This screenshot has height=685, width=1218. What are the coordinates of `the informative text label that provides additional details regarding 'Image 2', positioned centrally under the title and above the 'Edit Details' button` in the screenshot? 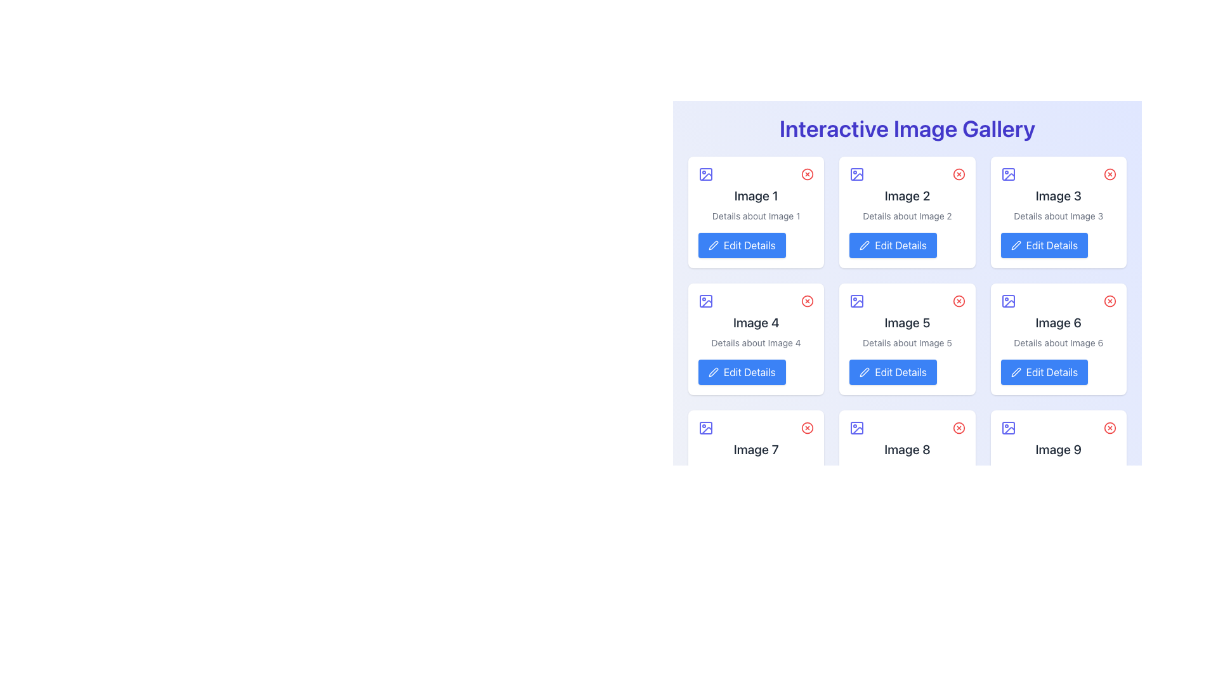 It's located at (907, 215).